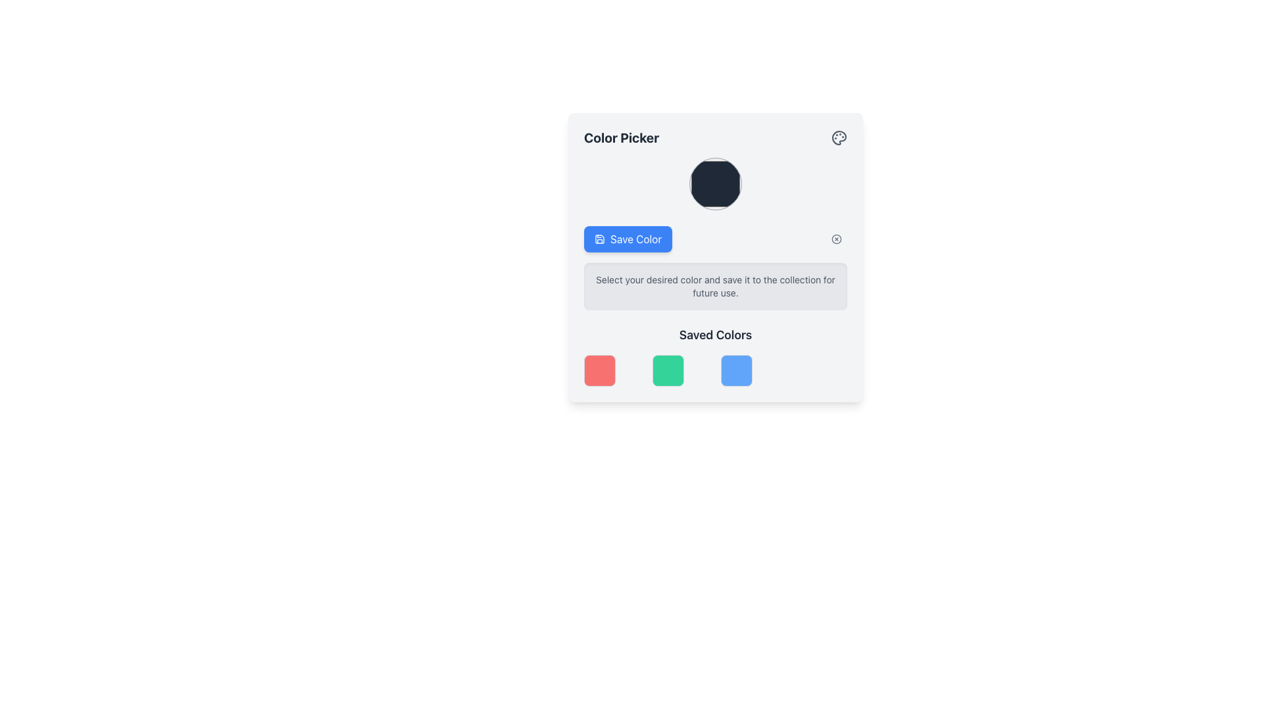 The height and width of the screenshot is (710, 1263). What do you see at coordinates (599, 239) in the screenshot?
I see `the save icon located at the top-left corner of the 'Save Color' button, which is positioned below the color picking circle in the central UI card` at bounding box center [599, 239].